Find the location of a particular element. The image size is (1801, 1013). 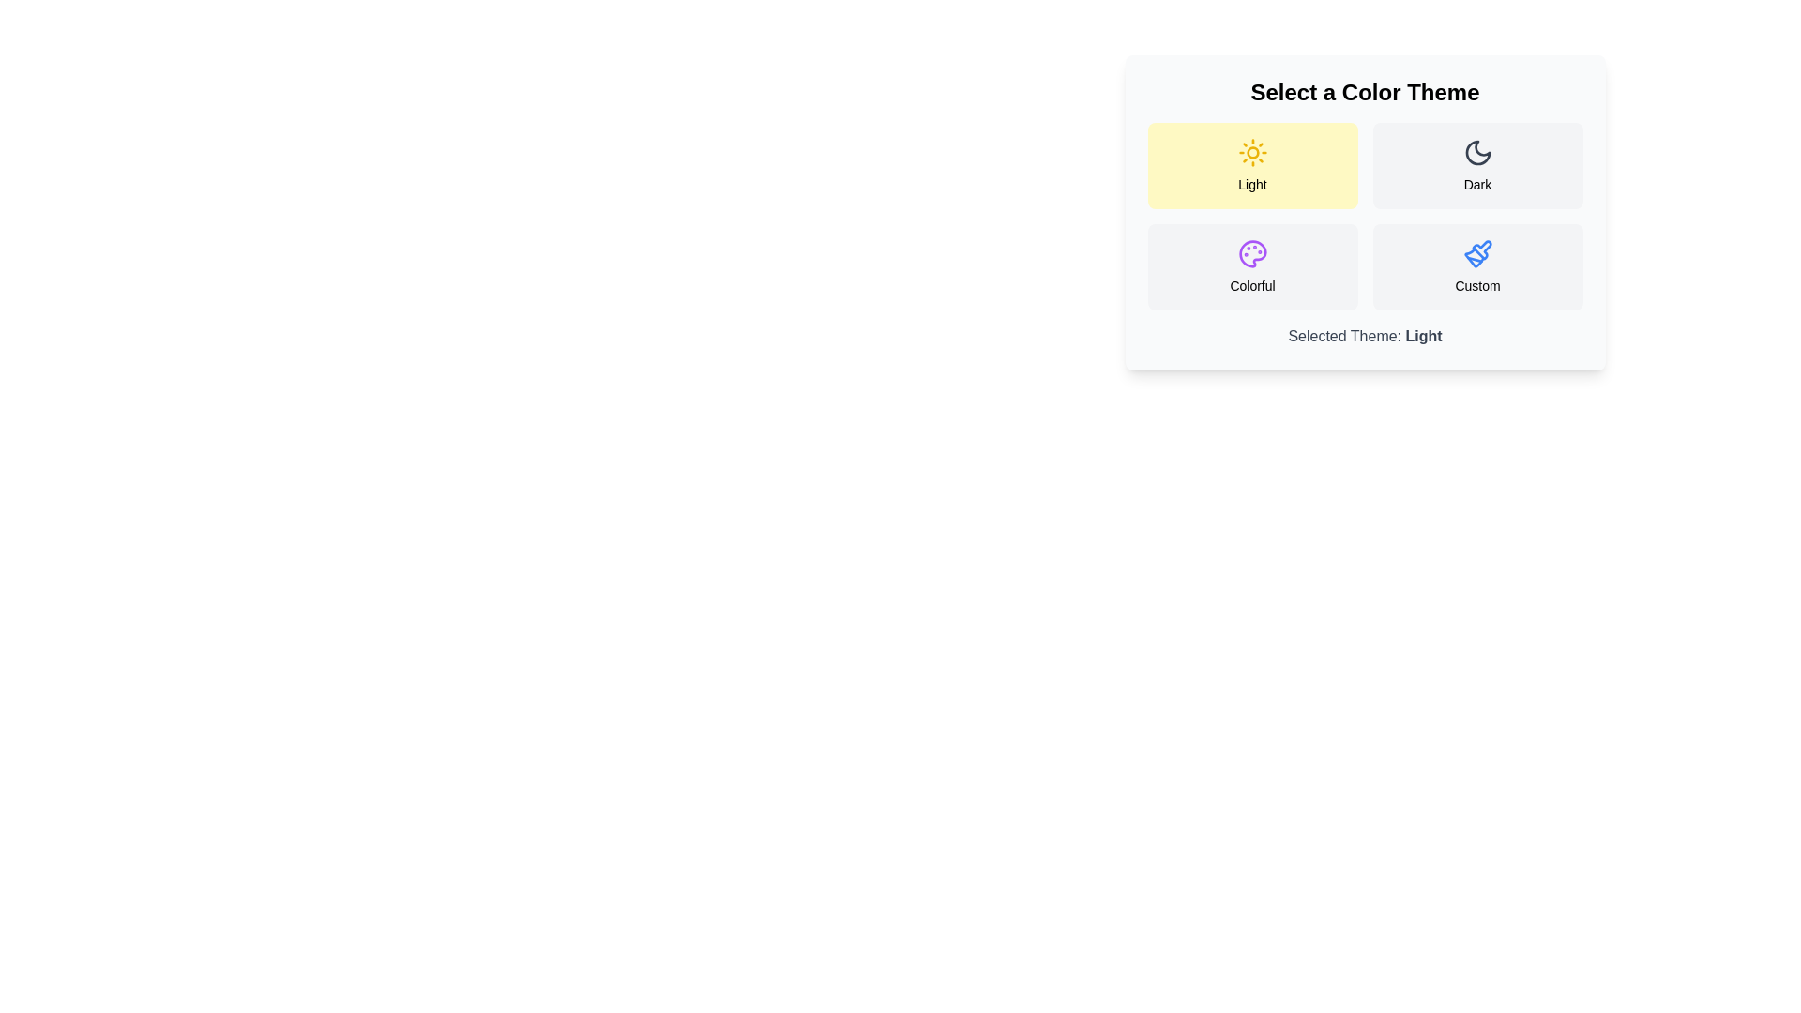

the theme Colorful by clicking its button is located at coordinates (1252, 267).